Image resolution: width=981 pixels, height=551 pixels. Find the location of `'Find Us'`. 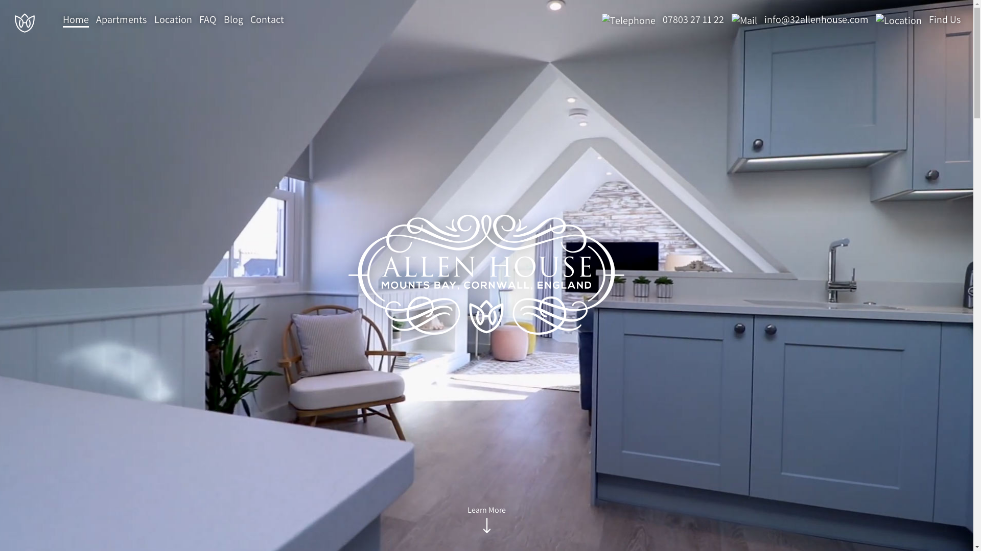

'Find Us' is located at coordinates (870, 19).